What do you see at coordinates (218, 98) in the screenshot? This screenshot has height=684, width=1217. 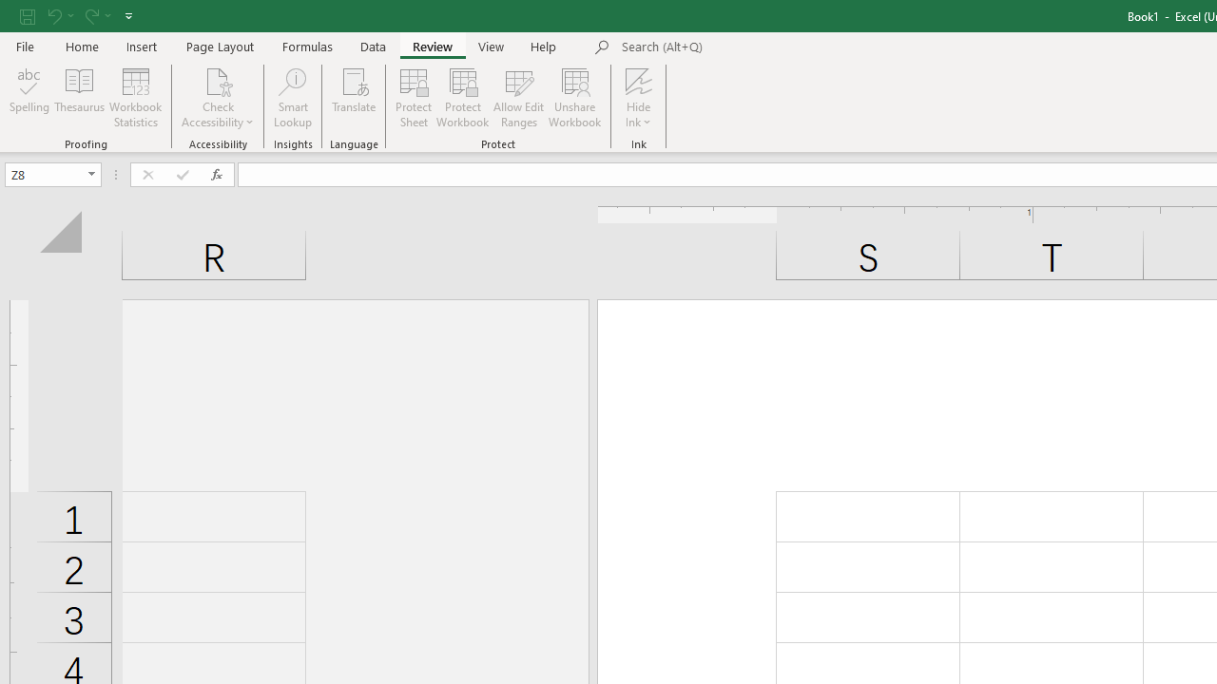 I see `'Check Accessibility'` at bounding box center [218, 98].